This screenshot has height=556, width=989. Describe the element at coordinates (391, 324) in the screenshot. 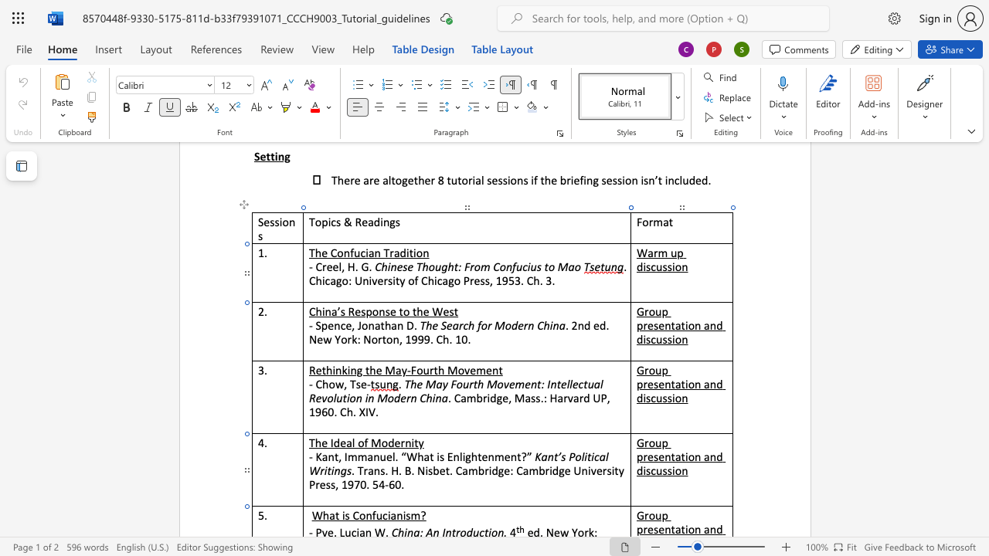

I see `the space between the continuous character "h" and "a" in the text` at that location.